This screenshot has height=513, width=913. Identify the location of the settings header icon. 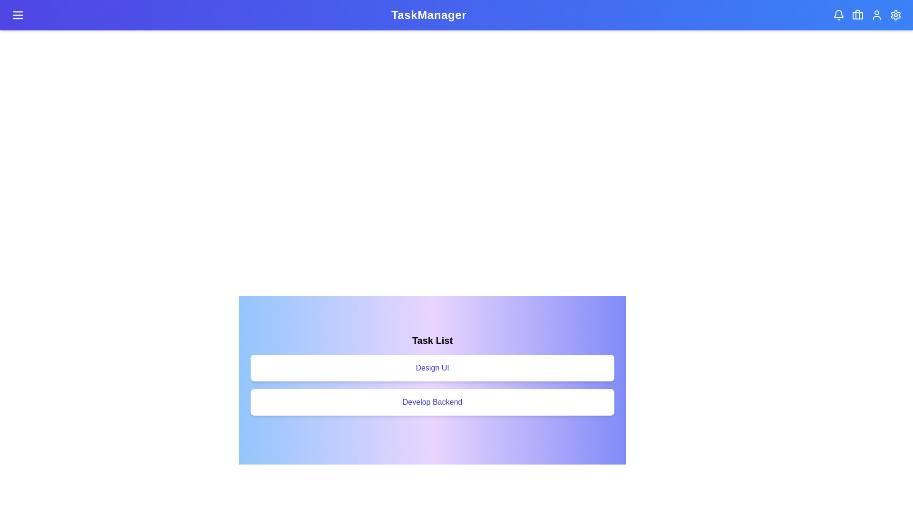
(895, 15).